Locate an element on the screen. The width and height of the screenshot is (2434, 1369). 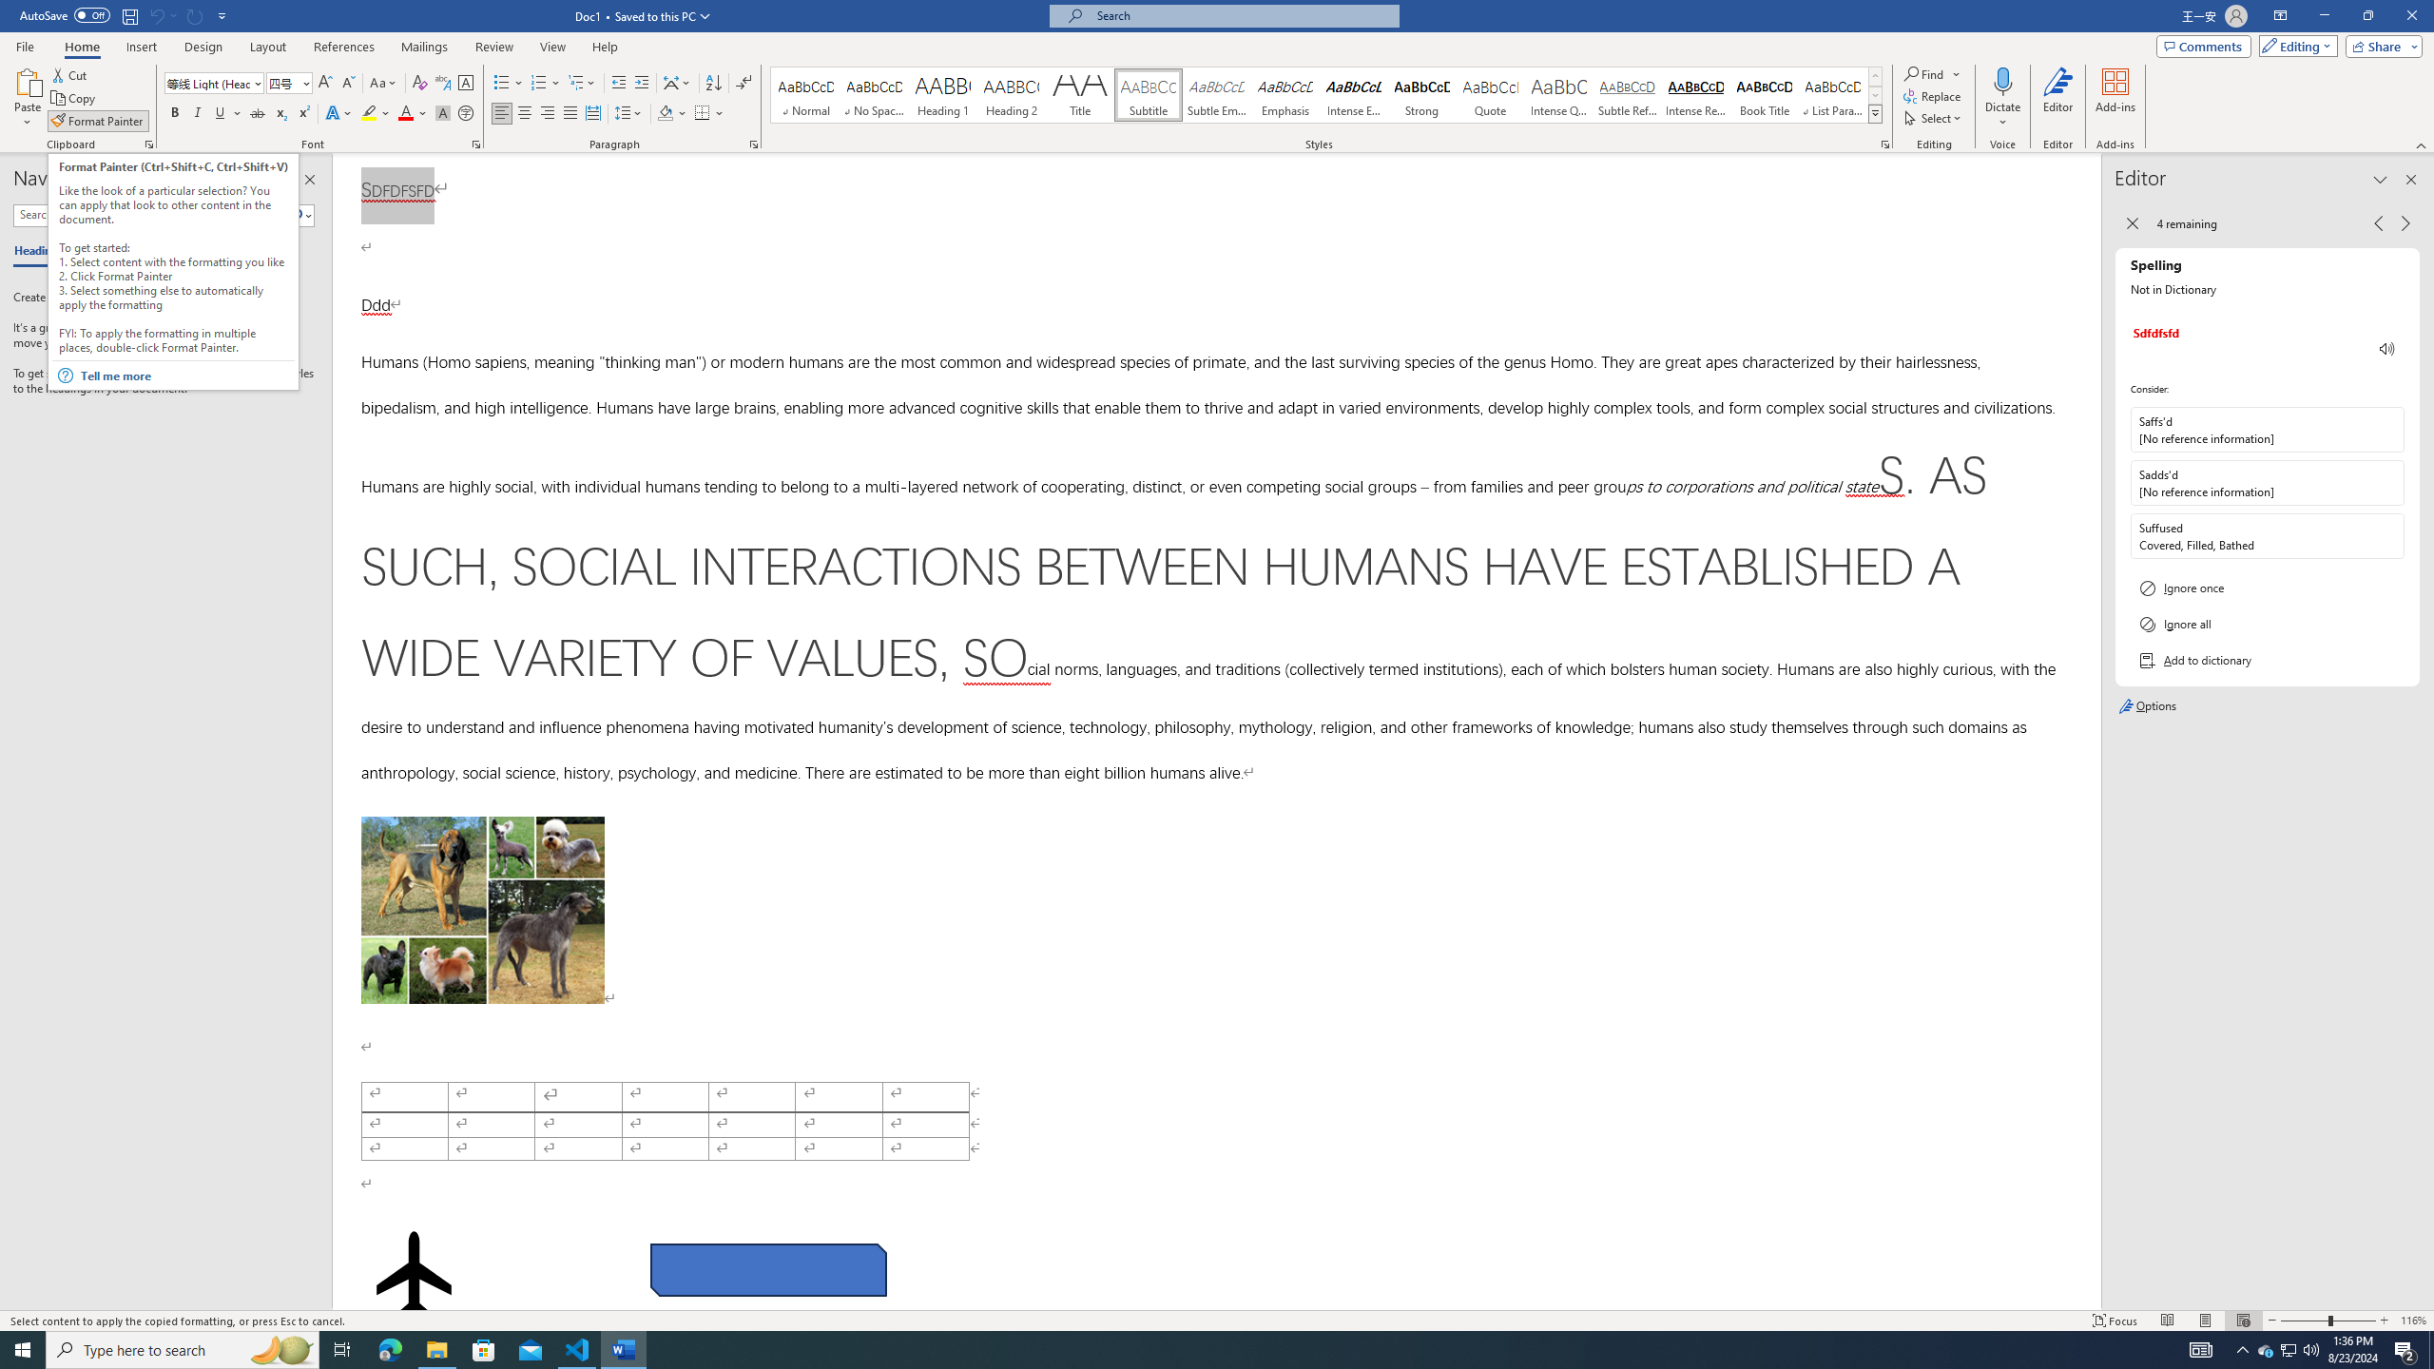
'Underline' is located at coordinates (227, 112).